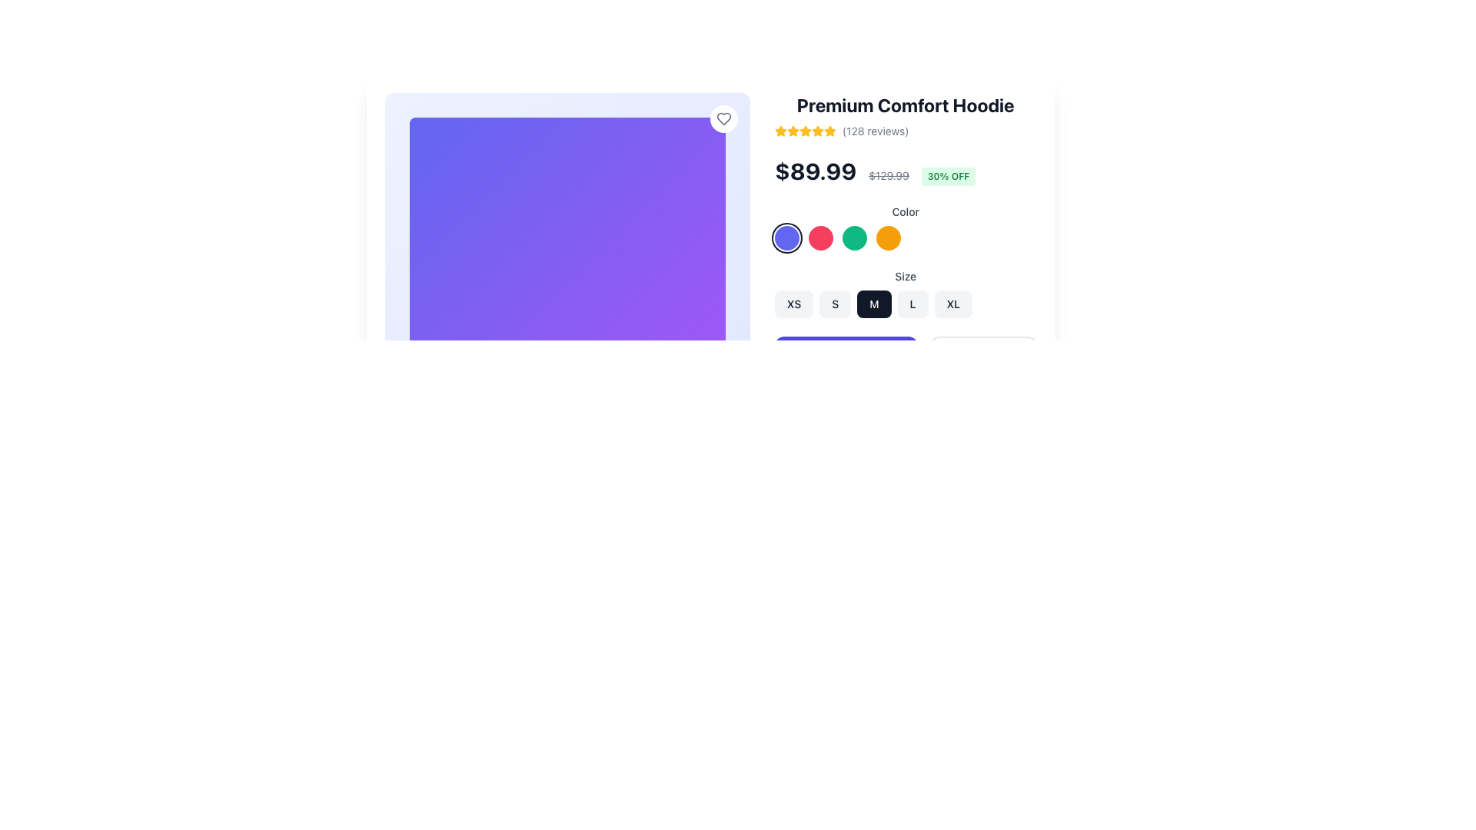 The width and height of the screenshot is (1476, 830). What do you see at coordinates (913, 304) in the screenshot?
I see `the rectangular button labeled 'L' with a light gray background` at bounding box center [913, 304].